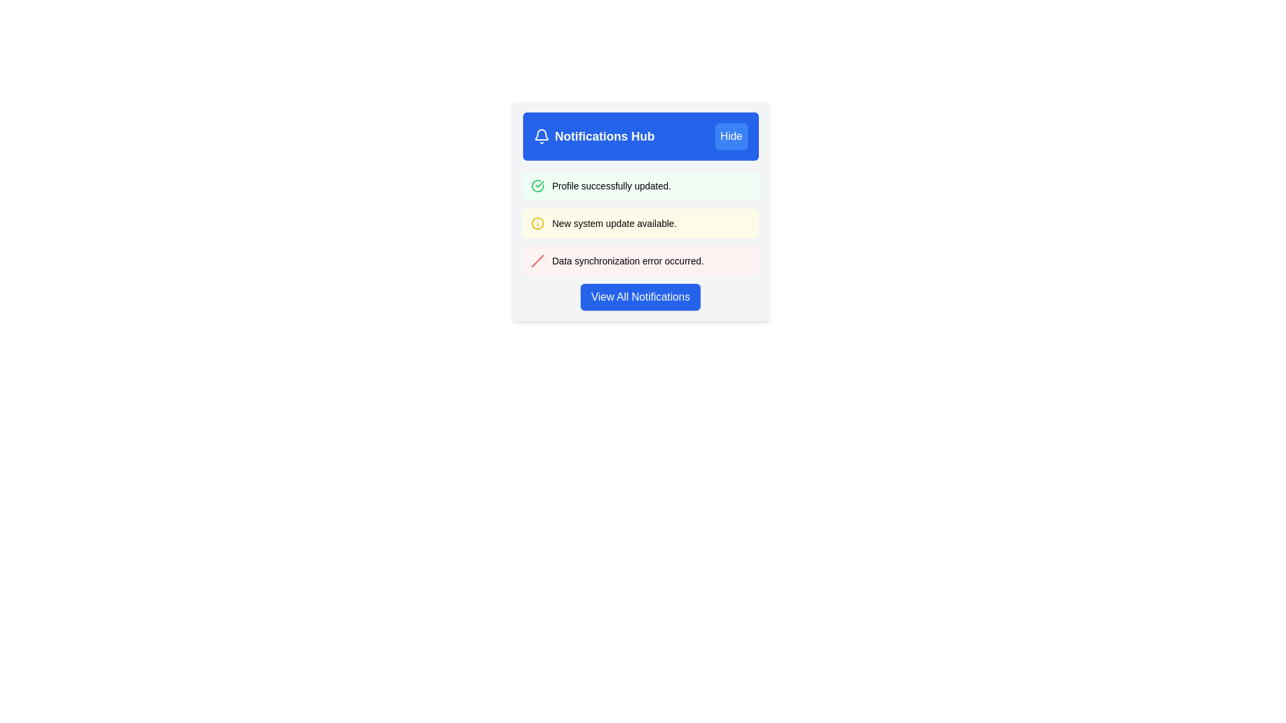 The image size is (1286, 723). Describe the element at coordinates (640, 296) in the screenshot. I see `the button located below the message 'Data synchronization error occurred'` at that location.